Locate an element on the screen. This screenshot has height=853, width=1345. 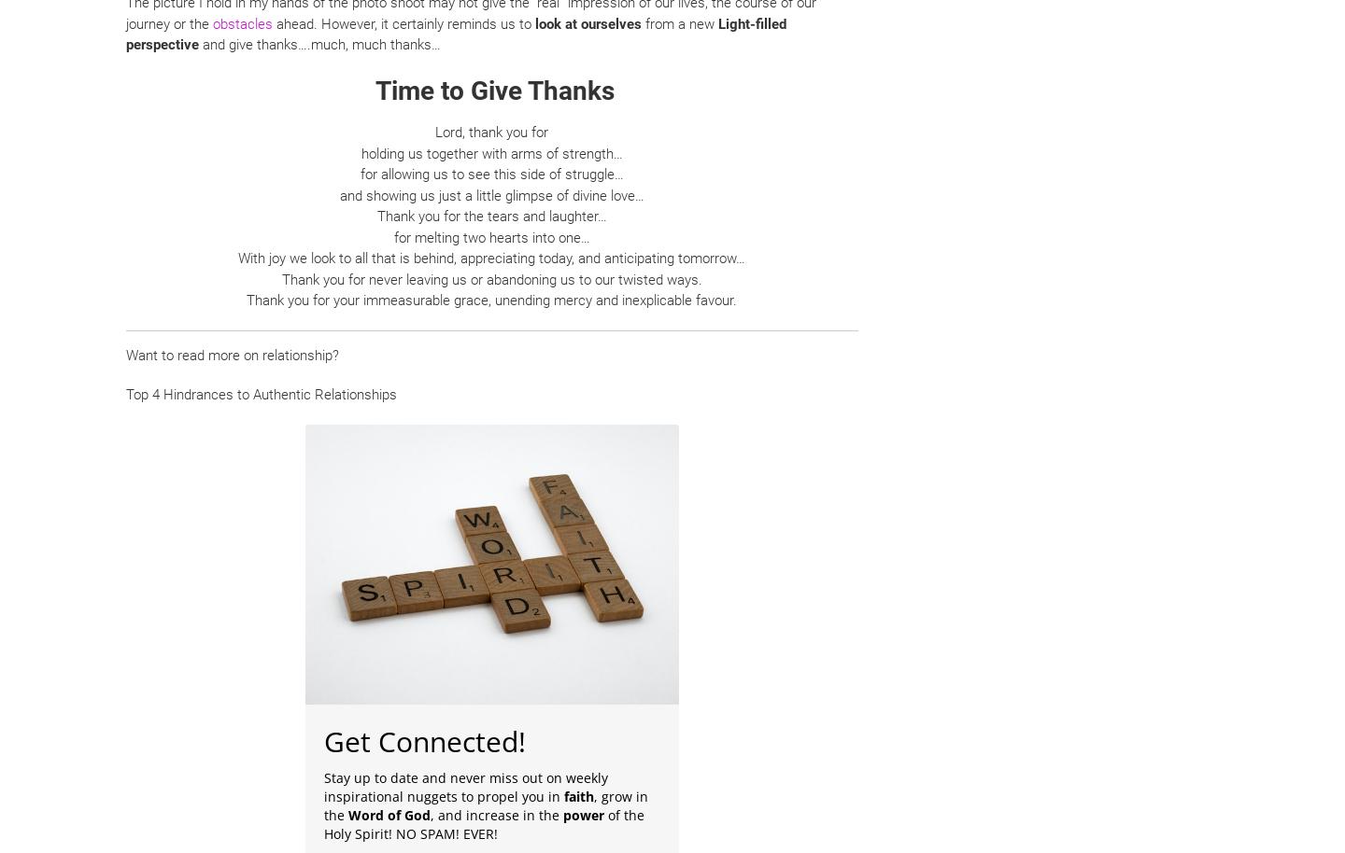
', grow in the' is located at coordinates (484, 804).